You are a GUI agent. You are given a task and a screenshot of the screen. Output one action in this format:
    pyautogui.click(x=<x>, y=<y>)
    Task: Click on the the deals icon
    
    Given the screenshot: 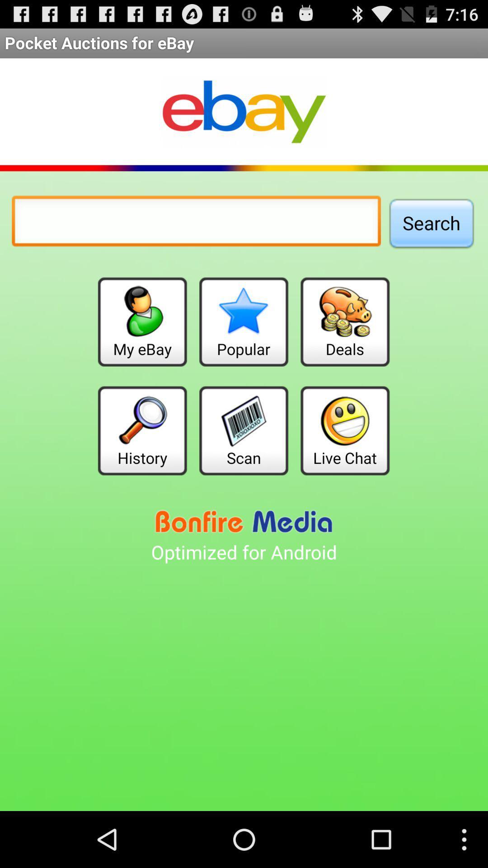 What is the action you would take?
    pyautogui.click(x=345, y=322)
    